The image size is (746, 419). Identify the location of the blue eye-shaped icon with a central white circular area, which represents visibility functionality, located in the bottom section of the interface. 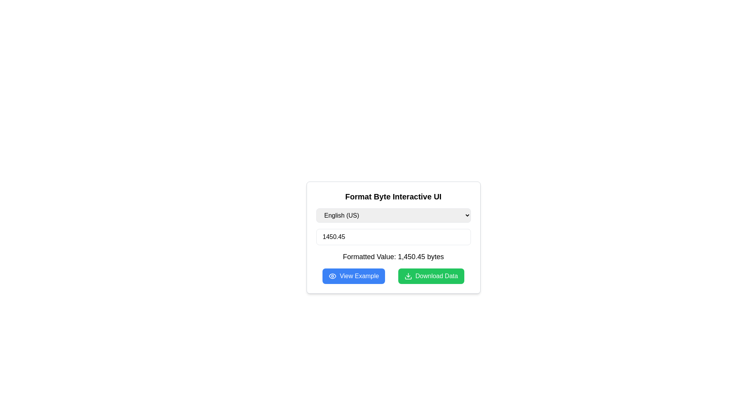
(333, 276).